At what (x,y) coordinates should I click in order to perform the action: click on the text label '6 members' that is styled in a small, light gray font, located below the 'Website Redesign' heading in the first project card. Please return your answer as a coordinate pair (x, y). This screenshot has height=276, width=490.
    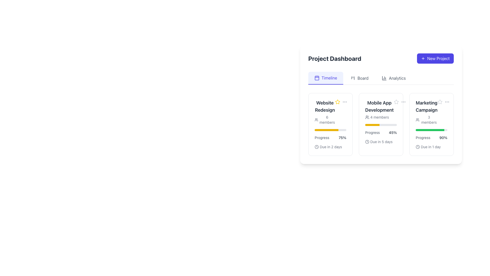
    Looking at the image, I should click on (325, 120).